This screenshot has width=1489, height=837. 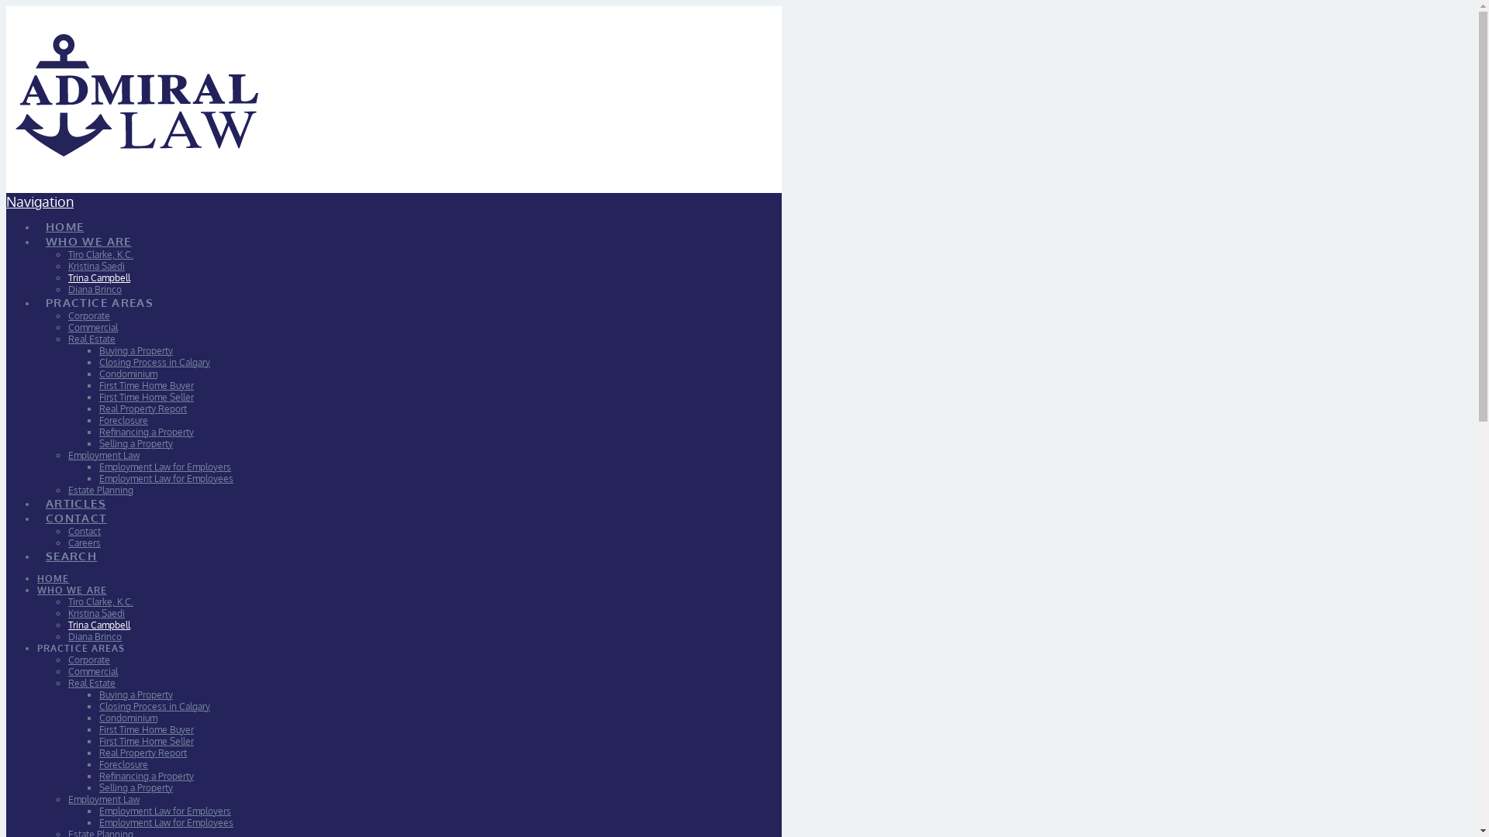 What do you see at coordinates (99, 490) in the screenshot?
I see `'Estate Planning'` at bounding box center [99, 490].